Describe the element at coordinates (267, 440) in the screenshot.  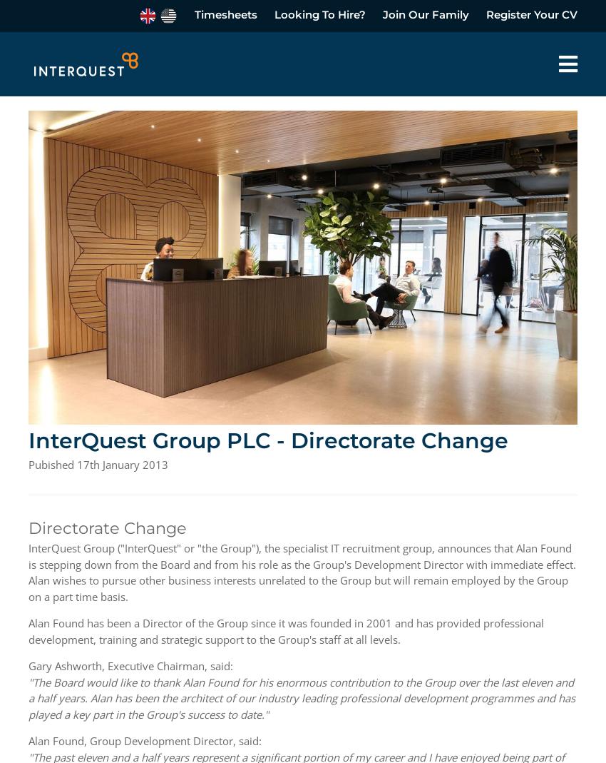
I see `'InterQuest Group PLC - Directorate Change'` at that location.